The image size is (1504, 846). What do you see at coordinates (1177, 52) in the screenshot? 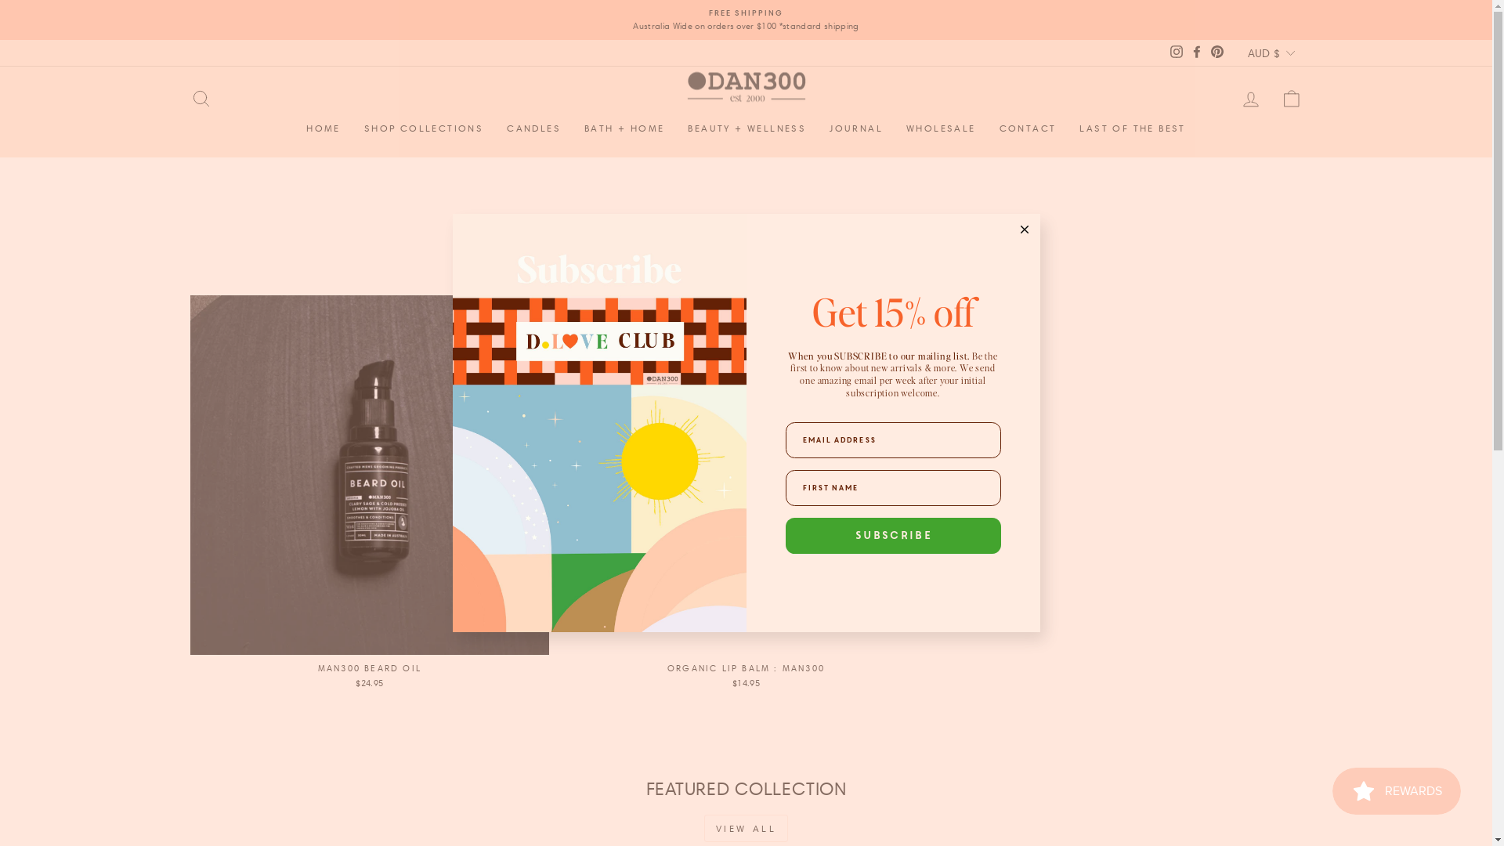
I see `'Instagram'` at bounding box center [1177, 52].